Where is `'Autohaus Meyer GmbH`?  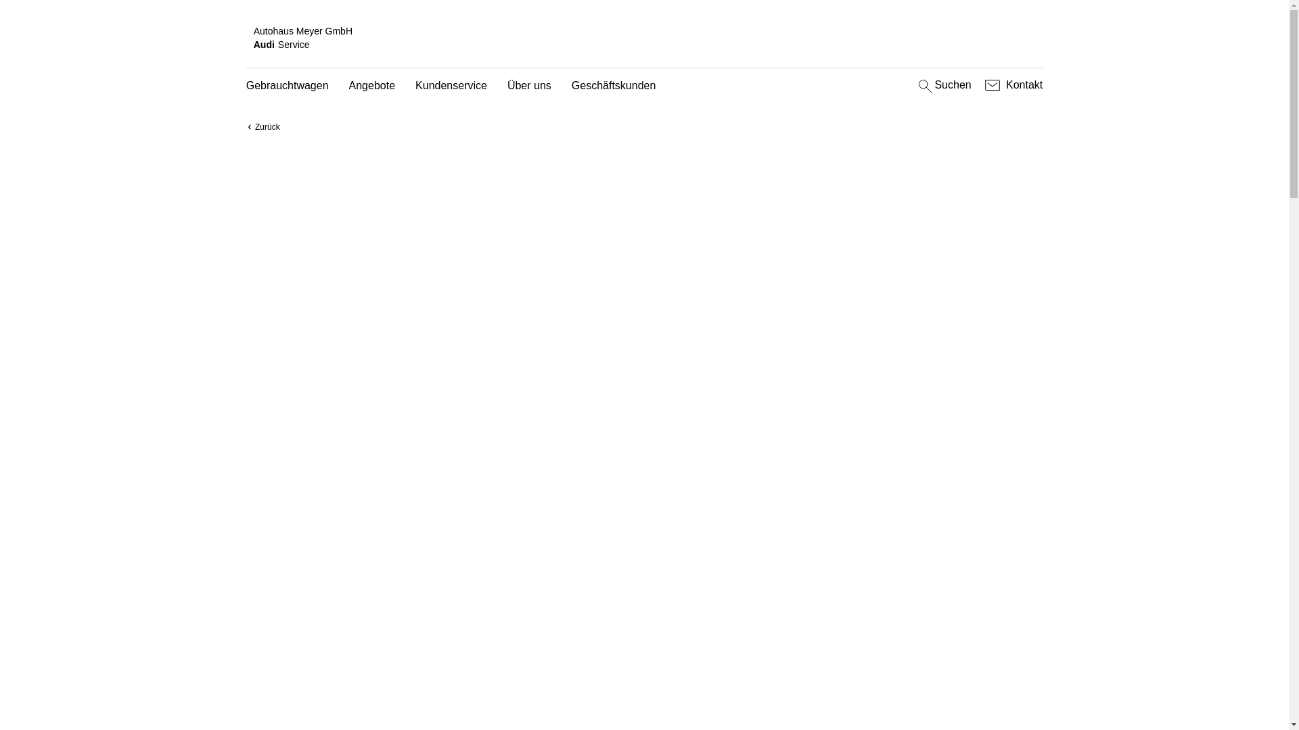
'Autohaus Meyer GmbH is located at coordinates (246, 37).